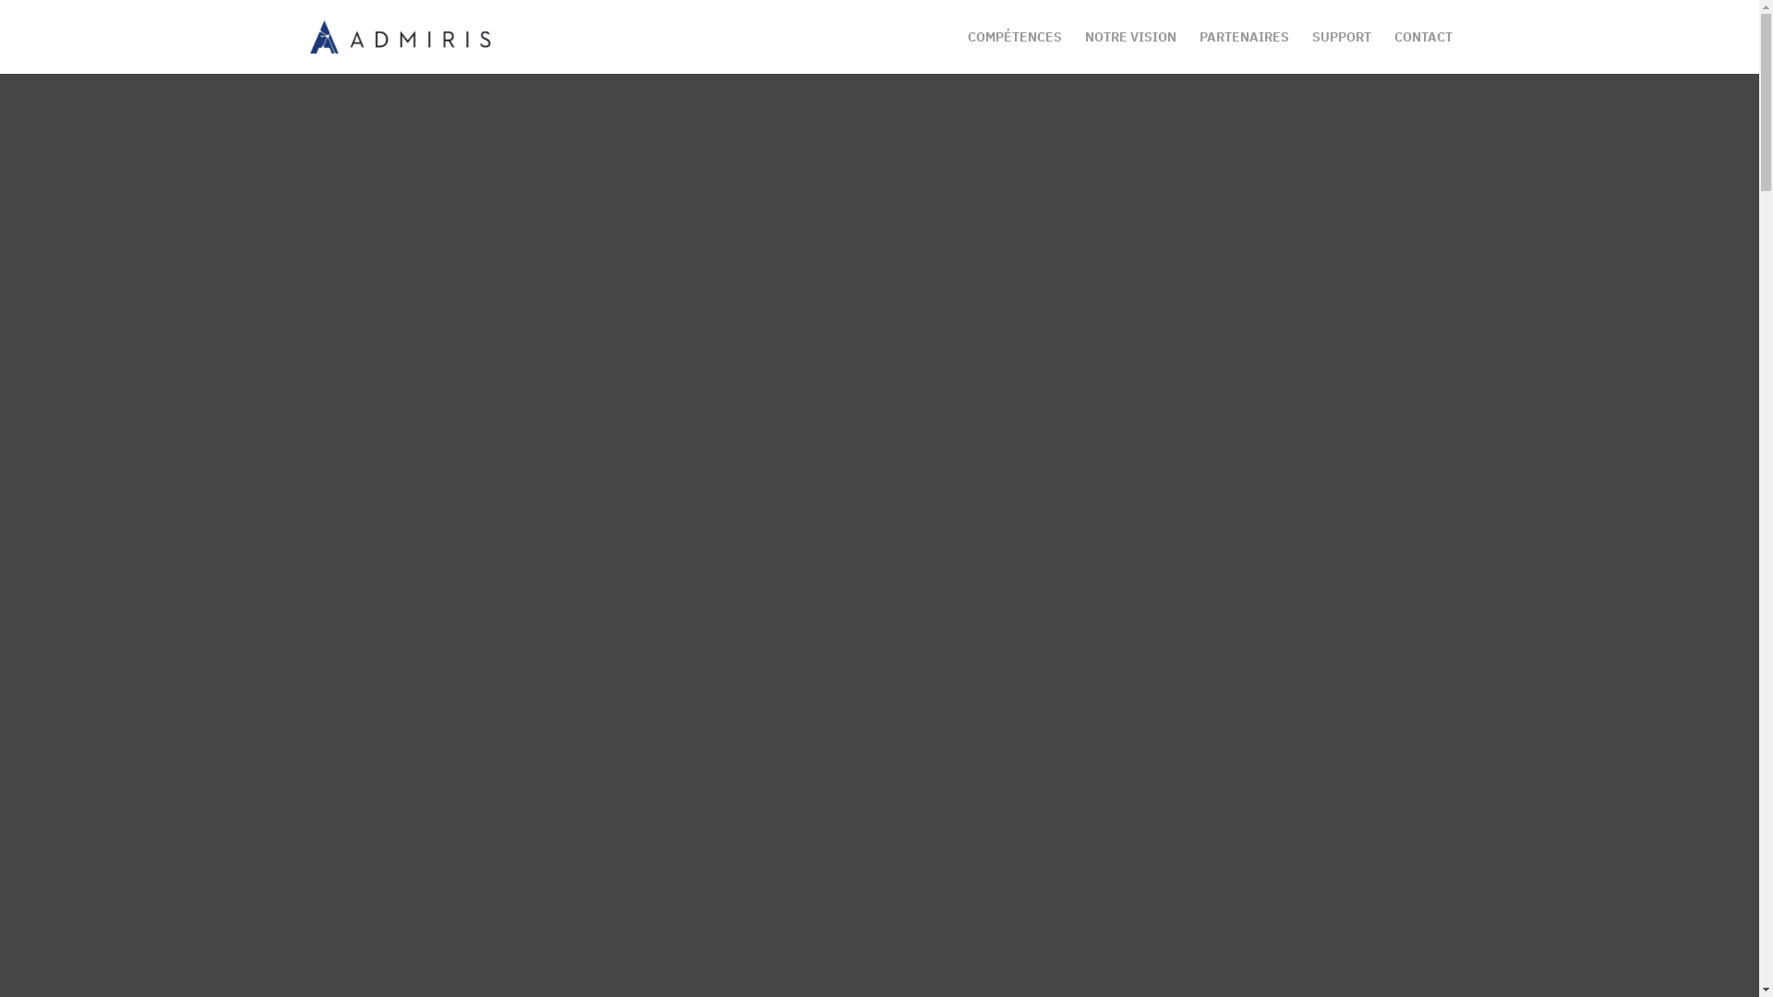 This screenshot has width=1773, height=997. Describe the element at coordinates (1084, 51) in the screenshot. I see `'NOTRE VISION'` at that location.